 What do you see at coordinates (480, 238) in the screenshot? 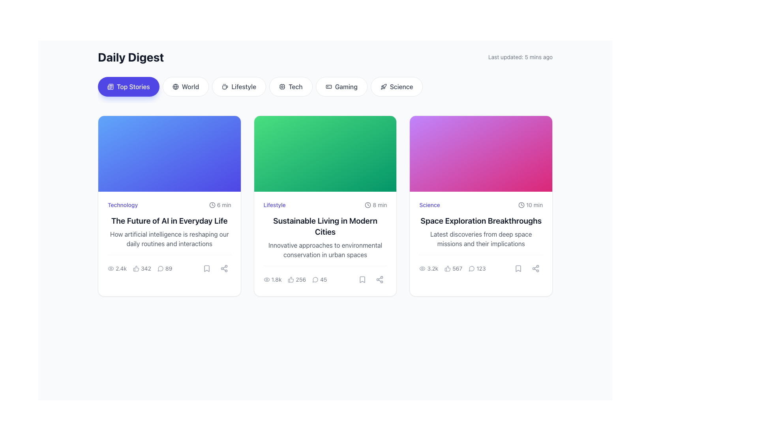
I see `the Card Component titled 'Space Exploration Breakthroughs', which is the third card in the 'Daily Digest' section, styled with a white background and containing various article-related information` at bounding box center [480, 238].